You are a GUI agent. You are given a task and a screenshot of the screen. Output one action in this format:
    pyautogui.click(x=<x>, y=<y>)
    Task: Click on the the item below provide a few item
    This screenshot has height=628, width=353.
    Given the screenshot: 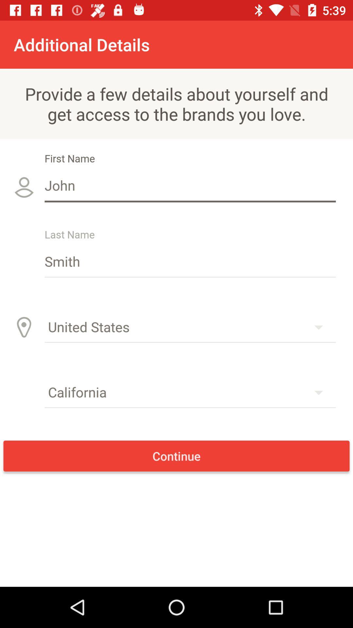 What is the action you would take?
    pyautogui.click(x=190, y=185)
    